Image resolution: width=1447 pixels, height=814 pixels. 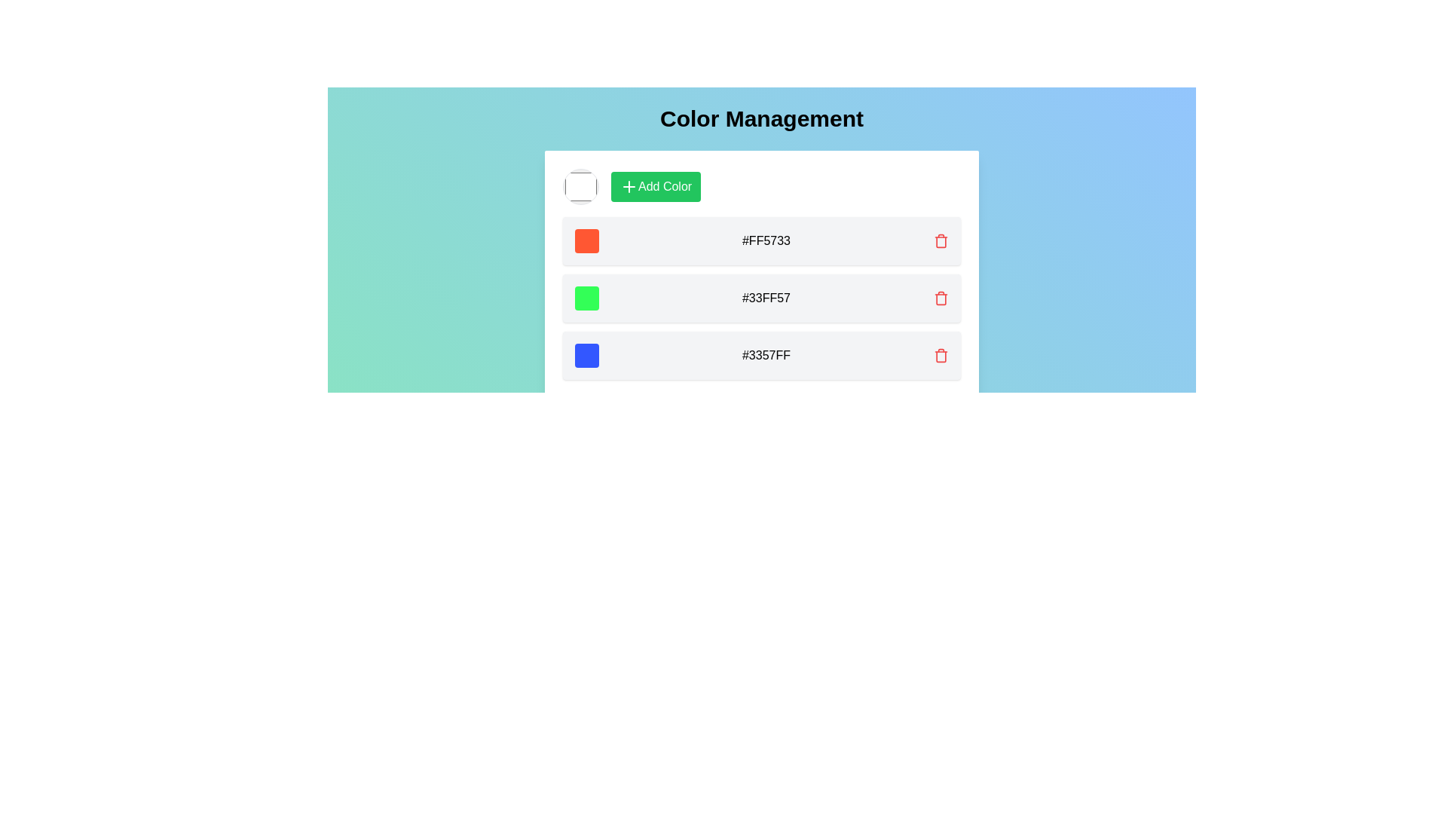 I want to click on the text display showing the string '#3357FF', which is bold and black on a light gray background, located next to a blue color swatch and to the left of a red trash icon, so click(x=766, y=355).